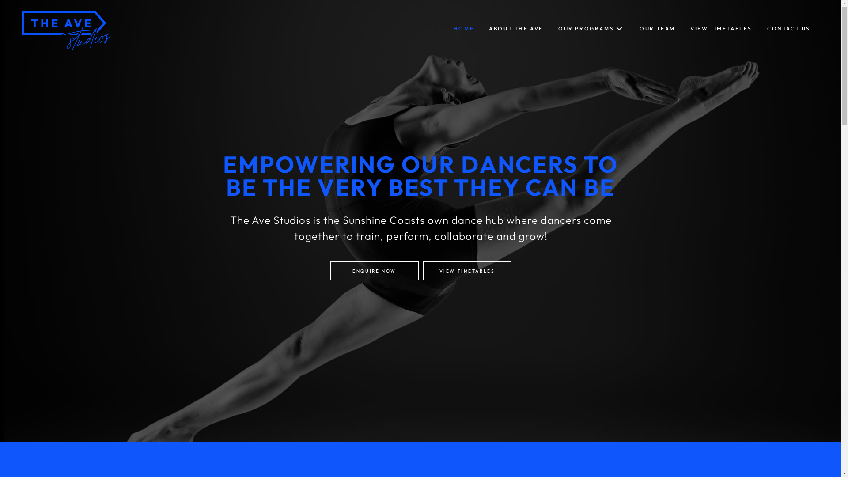 The image size is (848, 477). What do you see at coordinates (516, 28) in the screenshot?
I see `'ABOUT THE AVE'` at bounding box center [516, 28].